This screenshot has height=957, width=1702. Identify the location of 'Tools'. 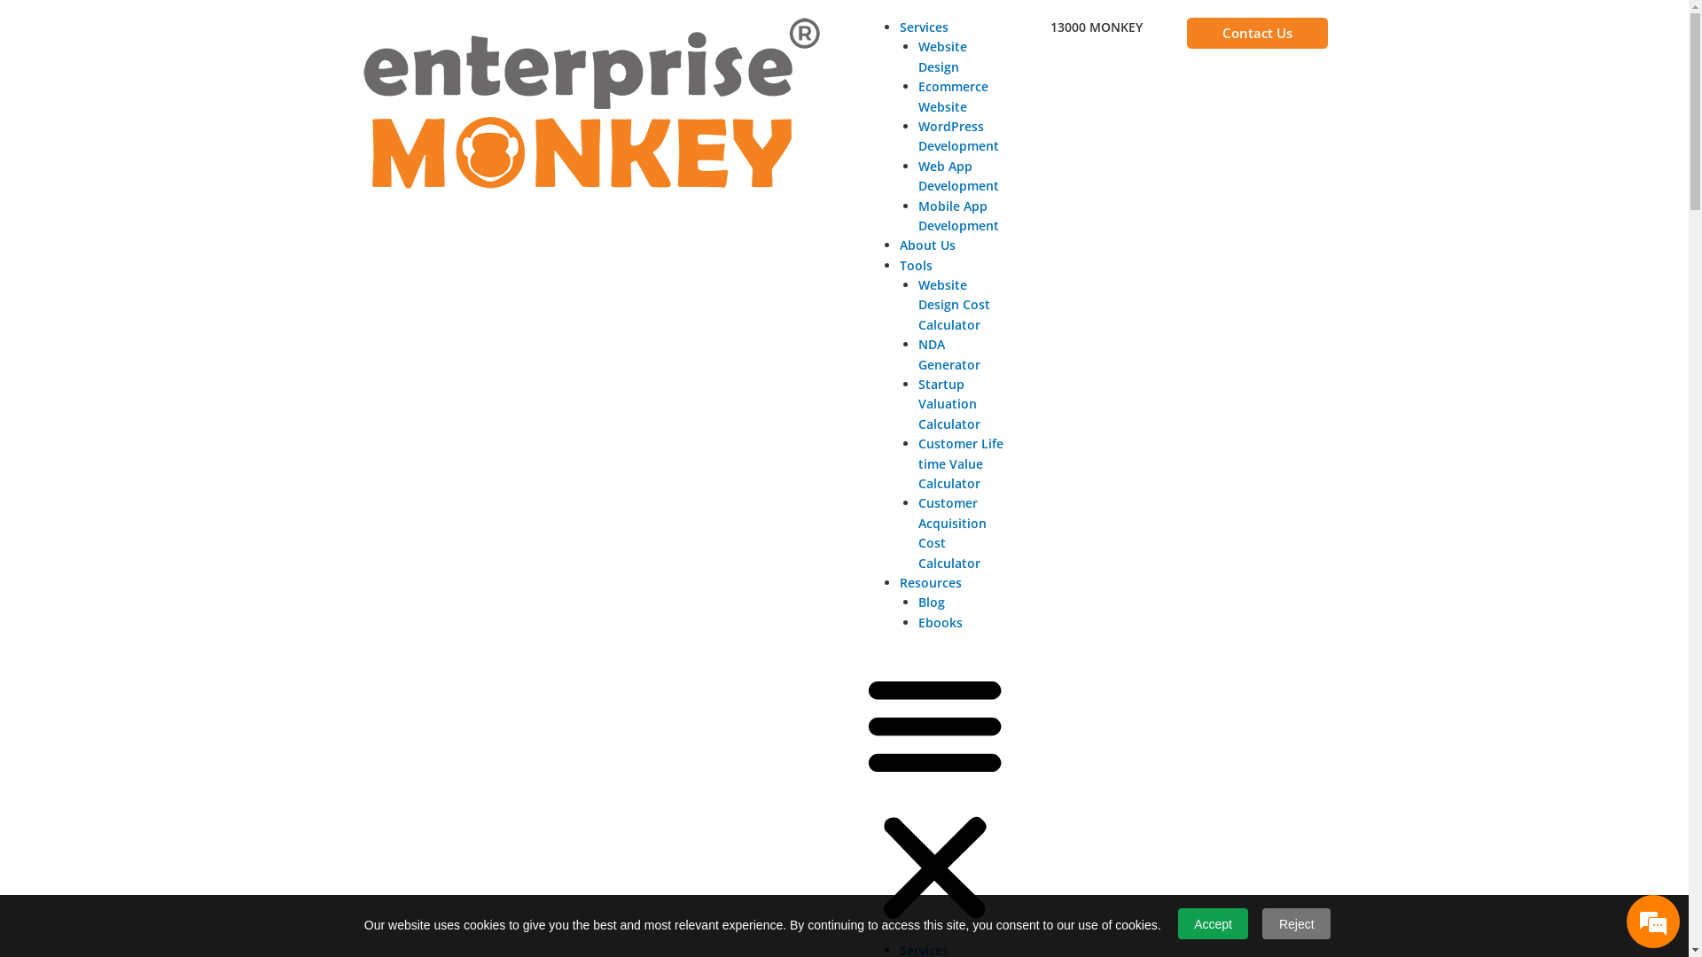
(915, 265).